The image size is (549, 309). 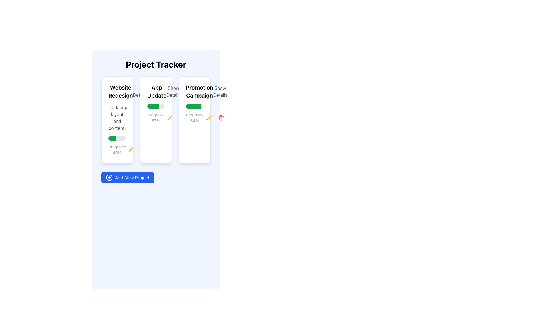 What do you see at coordinates (220, 91) in the screenshot?
I see `the 'Show Details' clickable text link, which is styled in gray and positioned to the right of the 'Promotion Campaign' text` at bounding box center [220, 91].